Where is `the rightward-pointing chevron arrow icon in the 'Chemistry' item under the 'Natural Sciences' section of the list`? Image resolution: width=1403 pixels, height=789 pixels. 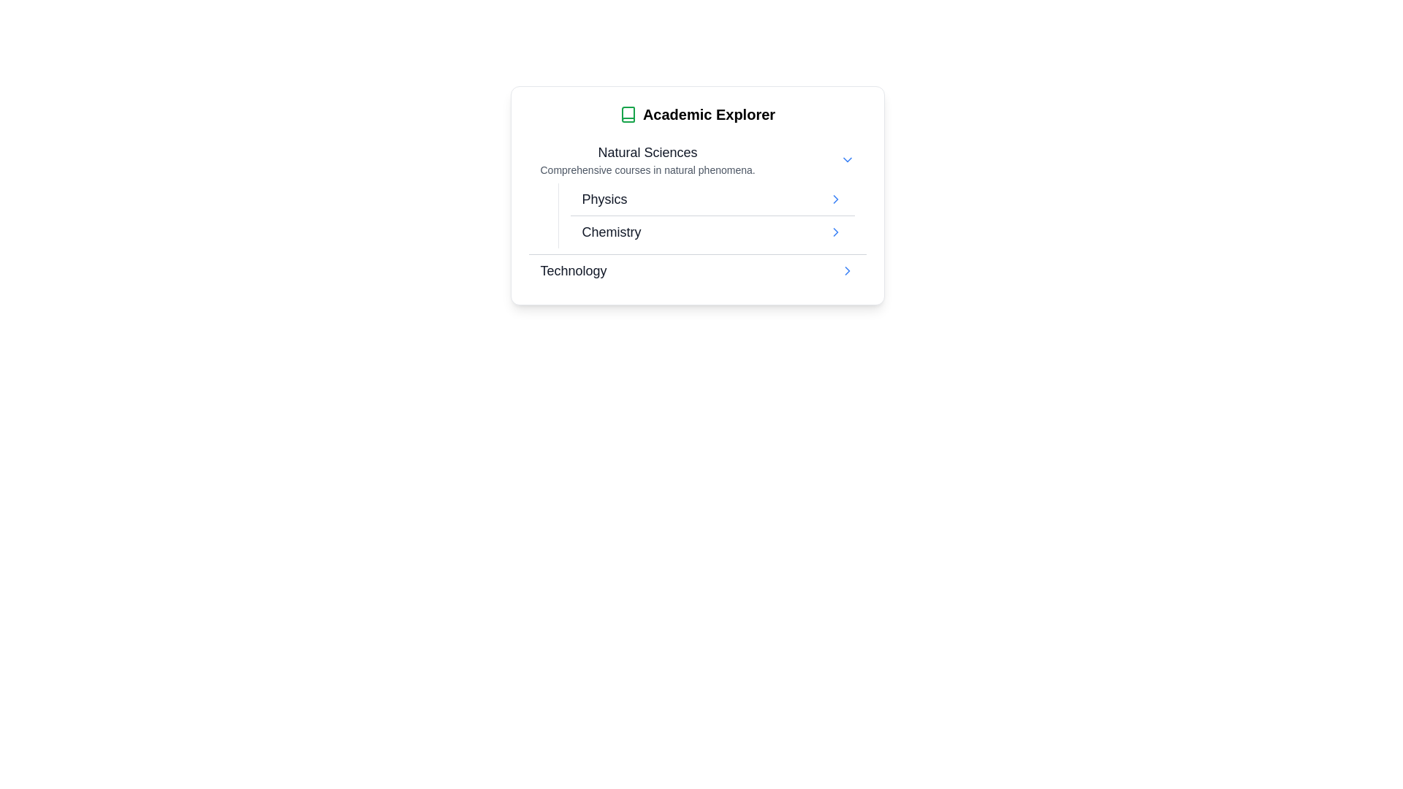 the rightward-pointing chevron arrow icon in the 'Chemistry' item under the 'Natural Sciences' section of the list is located at coordinates (835, 231).